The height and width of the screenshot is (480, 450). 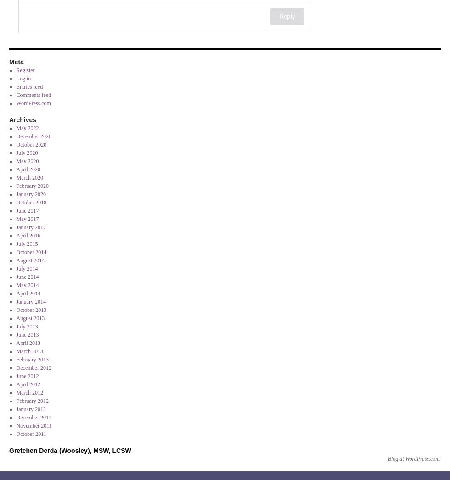 I want to click on 'May 2022', so click(x=27, y=128).